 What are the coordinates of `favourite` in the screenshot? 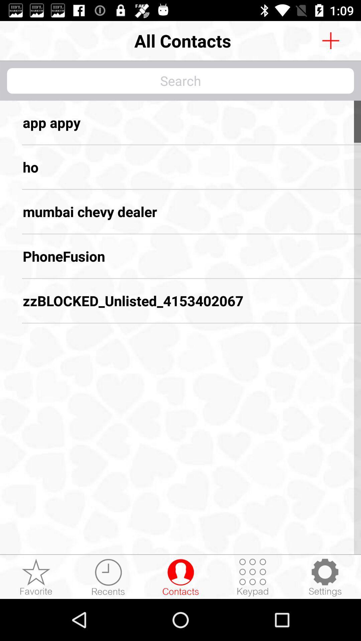 It's located at (36, 577).